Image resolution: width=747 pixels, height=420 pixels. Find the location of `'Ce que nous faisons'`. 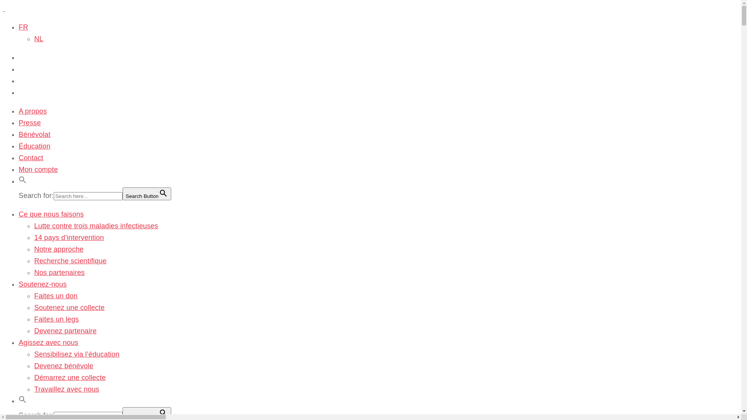

'Ce que nous faisons' is located at coordinates (51, 214).